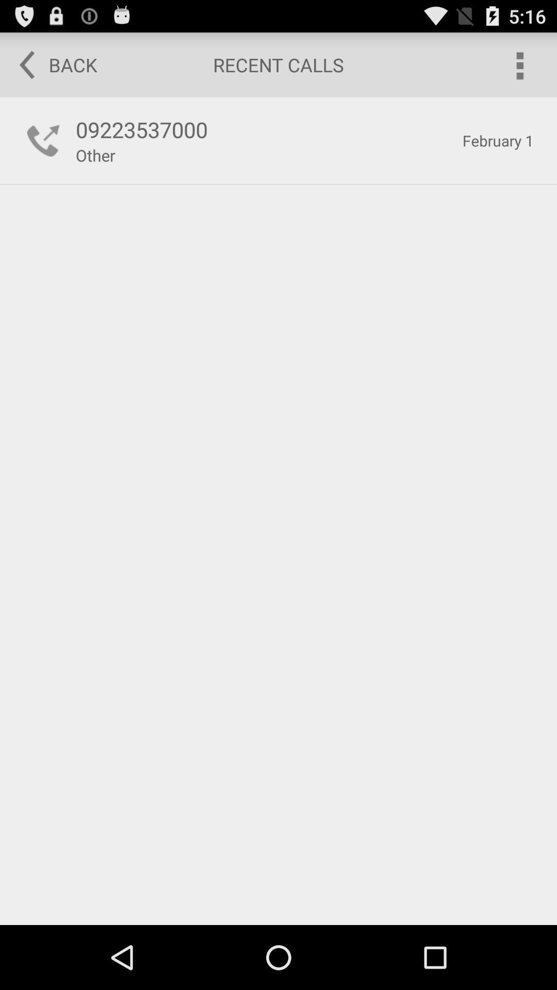 The image size is (557, 990). What do you see at coordinates (519, 64) in the screenshot?
I see `icon next to recent calls app` at bounding box center [519, 64].